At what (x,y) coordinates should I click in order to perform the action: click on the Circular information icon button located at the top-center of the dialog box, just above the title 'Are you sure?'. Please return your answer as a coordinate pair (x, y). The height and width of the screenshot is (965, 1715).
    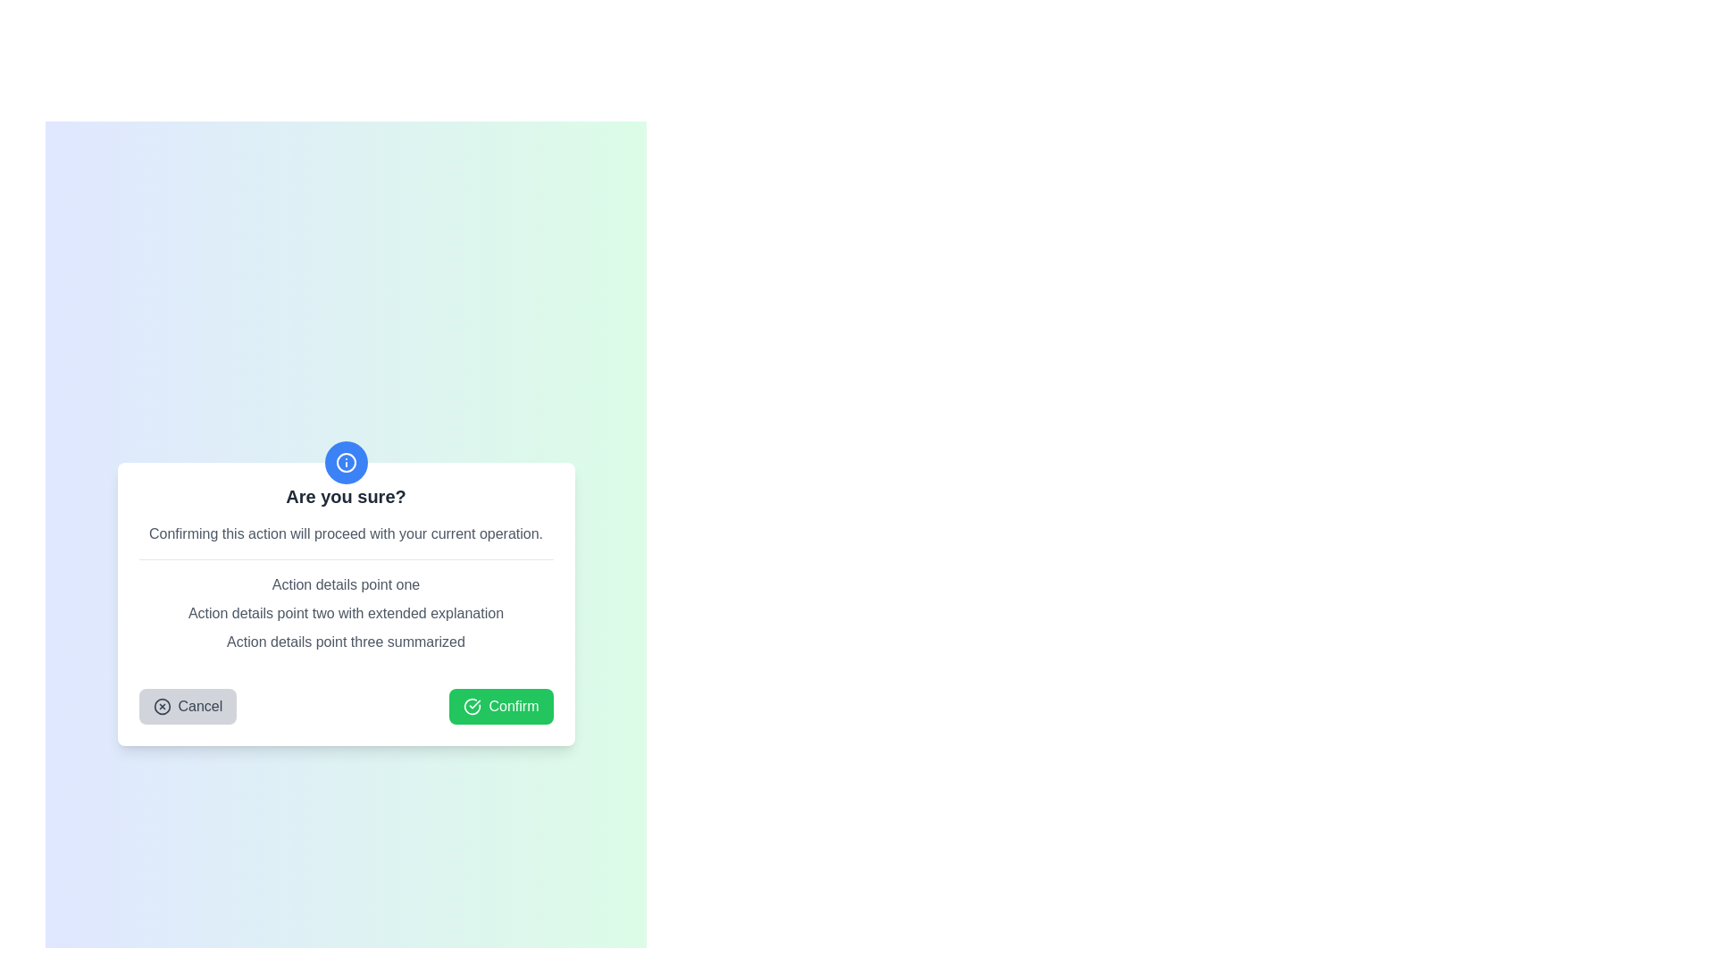
    Looking at the image, I should click on (346, 461).